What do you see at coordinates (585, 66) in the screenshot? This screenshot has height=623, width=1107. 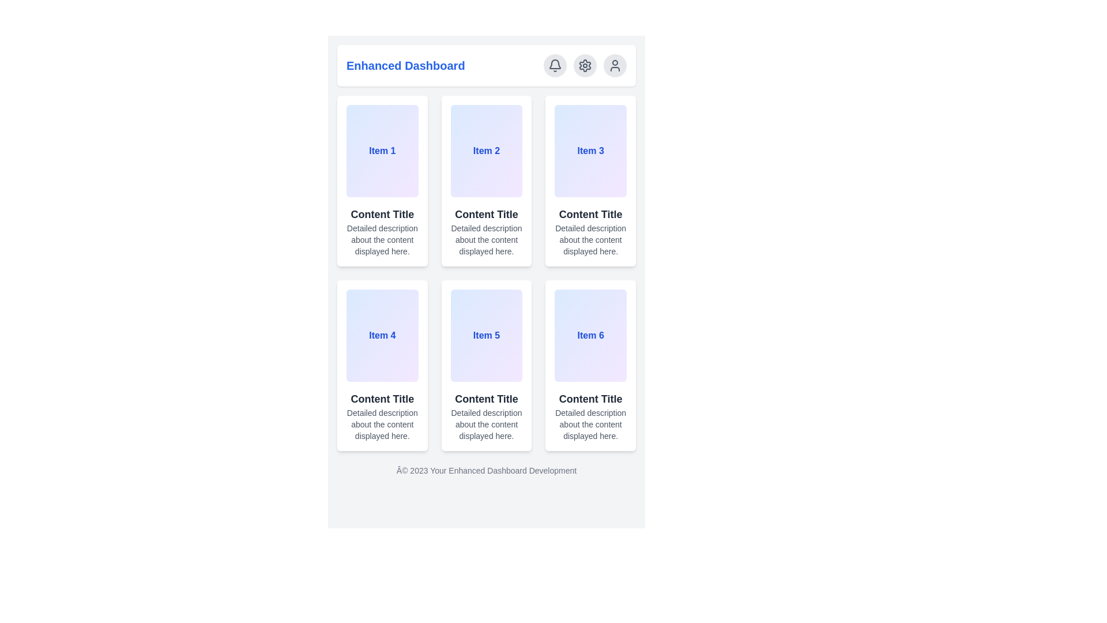 I see `the settings button located in the header section, positioned between the bell icon and the user icon` at bounding box center [585, 66].